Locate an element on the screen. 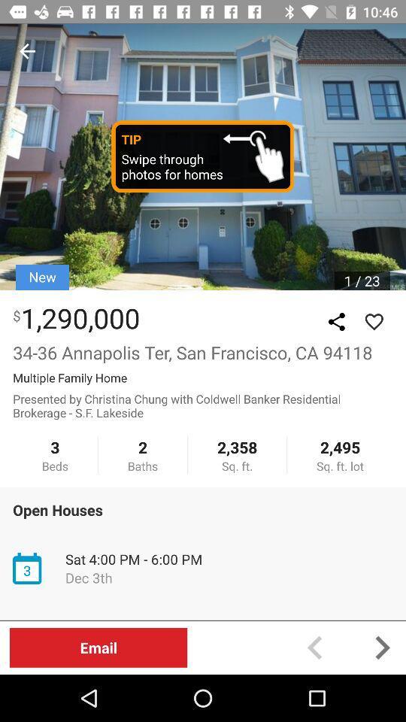  the arrow_backward icon is located at coordinates (314, 647).